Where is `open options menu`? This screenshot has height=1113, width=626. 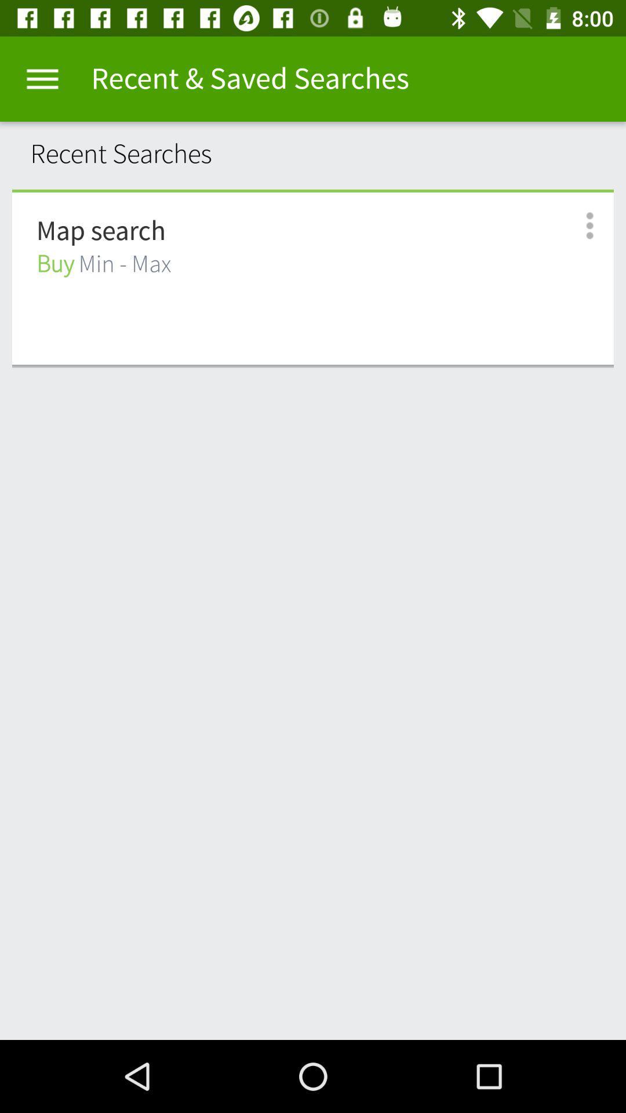
open options menu is located at coordinates (577, 225).